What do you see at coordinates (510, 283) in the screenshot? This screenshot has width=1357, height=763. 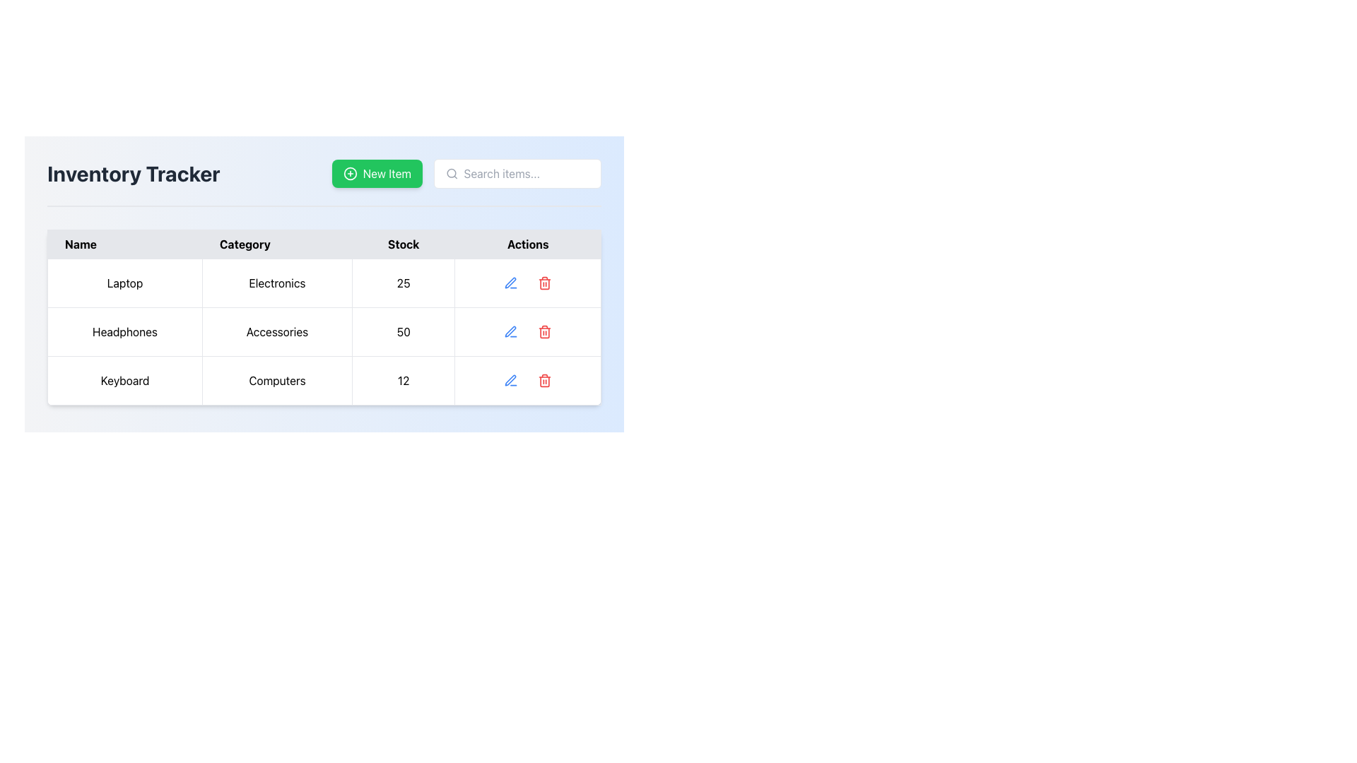 I see `the edit button icon located in the 'Actions' column of the first row of the table` at bounding box center [510, 283].